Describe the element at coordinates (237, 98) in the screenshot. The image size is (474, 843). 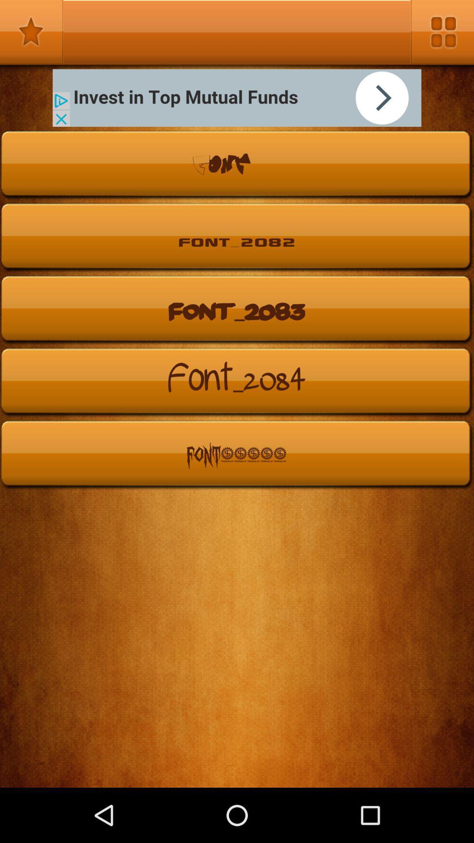
I see `tap advertisement` at that location.